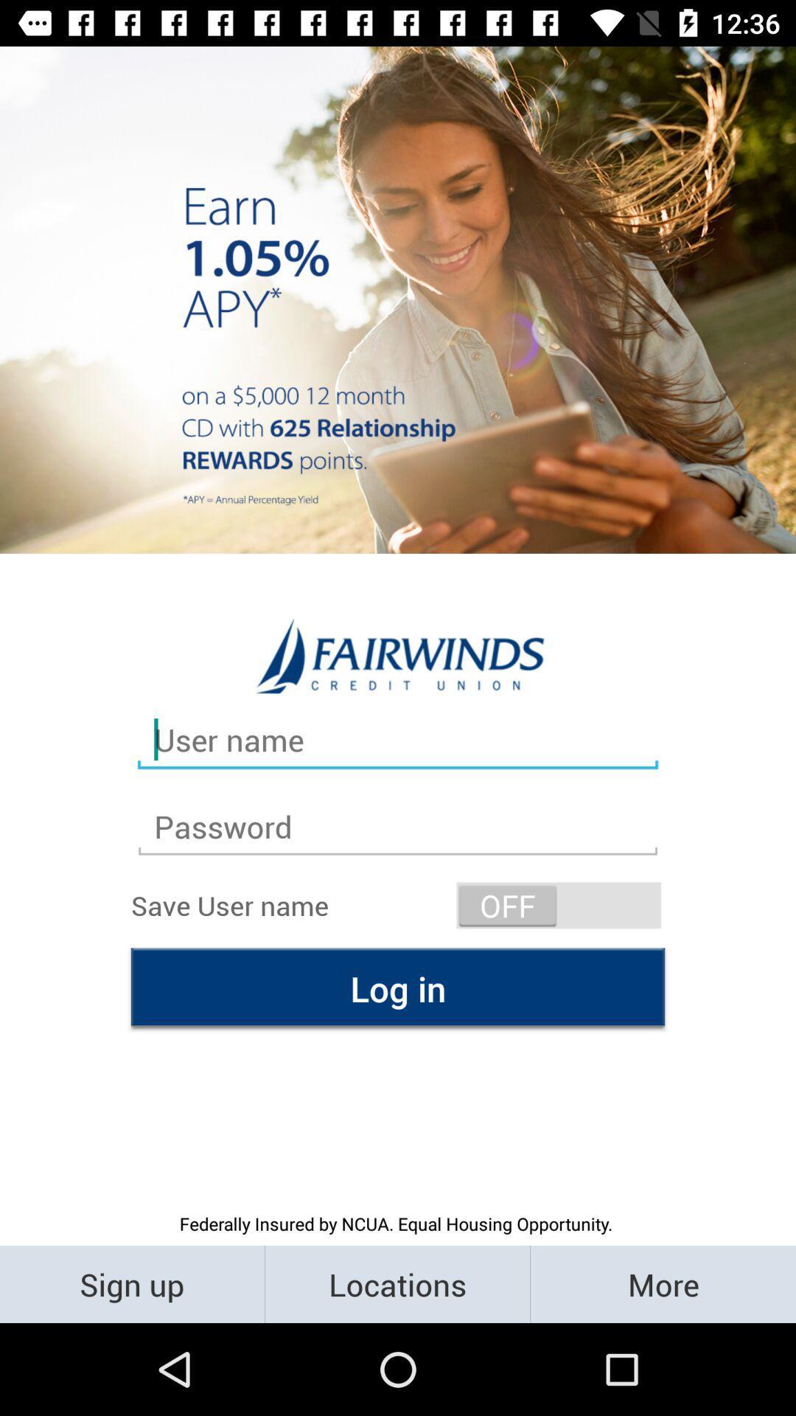  What do you see at coordinates (397, 1283) in the screenshot?
I see `the icon to the right of the sign up icon` at bounding box center [397, 1283].